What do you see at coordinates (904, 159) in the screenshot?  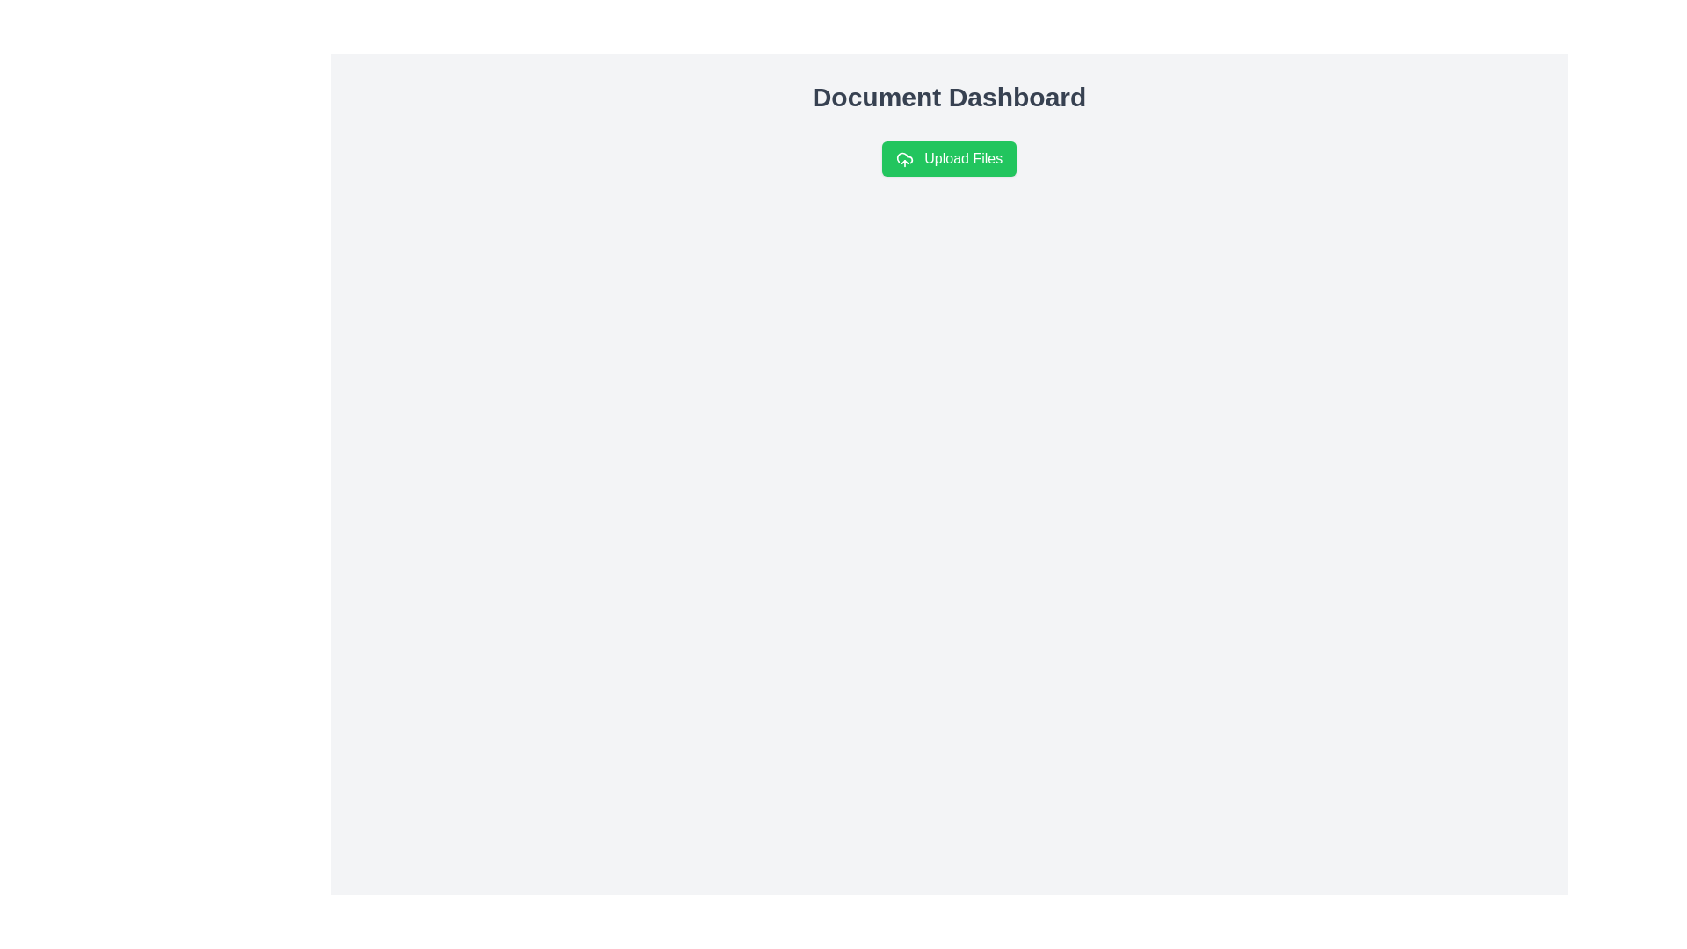 I see `the upload files icon within the green button labeled 'Upload Files', located directly below the title 'Document Dashboard'` at bounding box center [904, 159].